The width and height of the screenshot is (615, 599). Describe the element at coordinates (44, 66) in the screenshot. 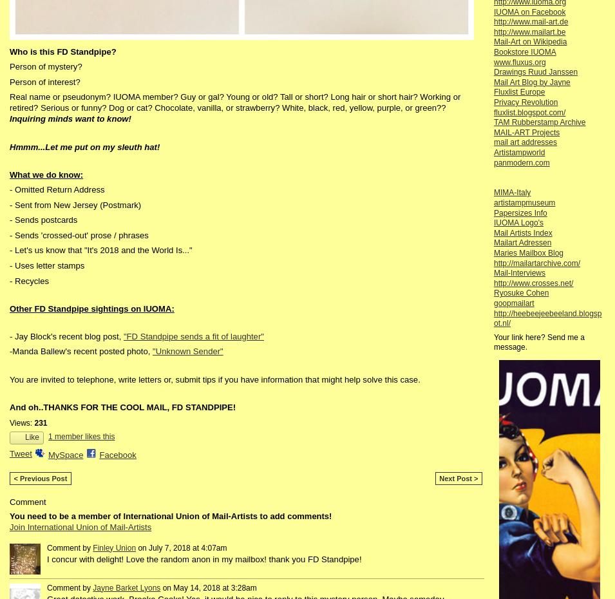

I see `'Person of mystery?'` at that location.